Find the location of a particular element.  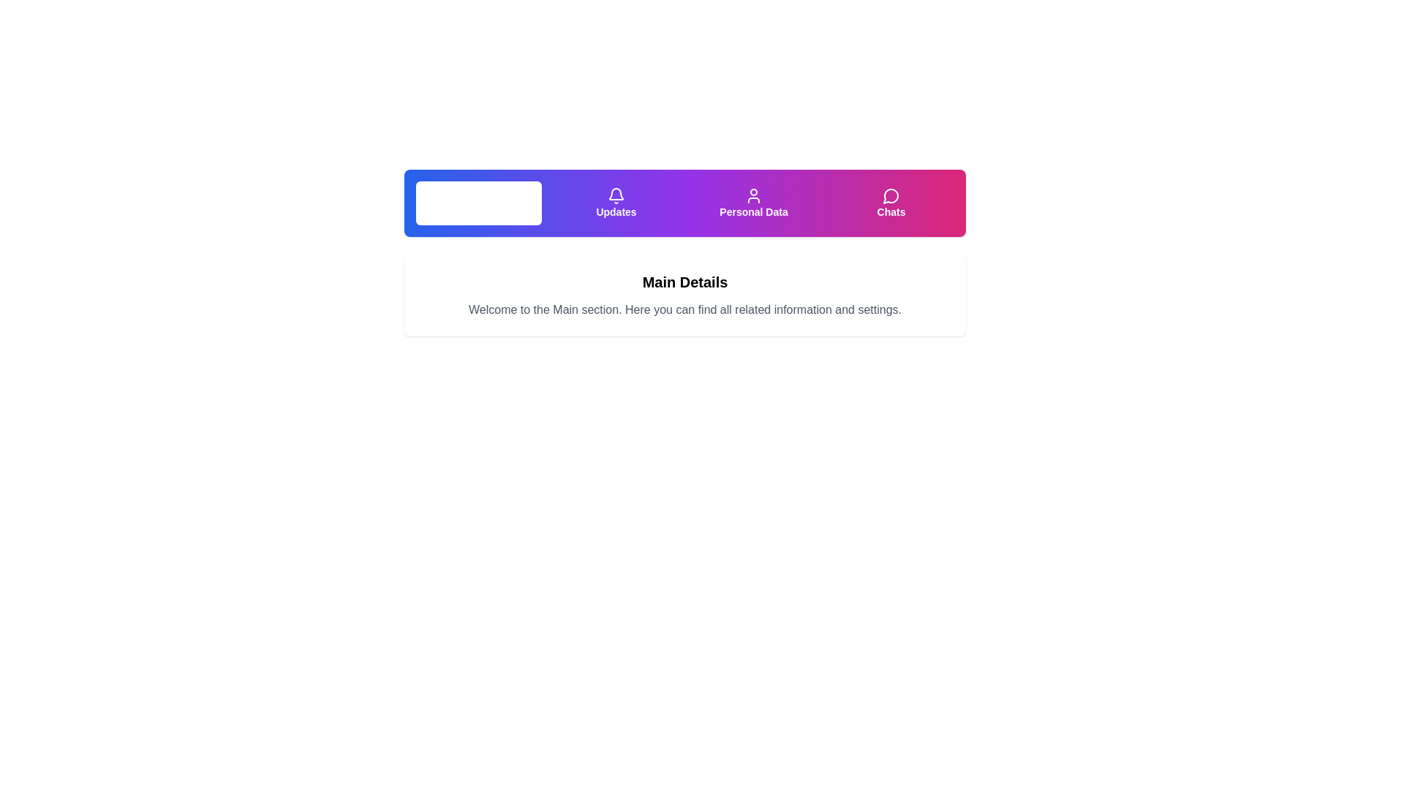

the 'Personal Data' text label which is part of the navigation bar, displayed in white font on a purple gradient background is located at coordinates (754, 211).